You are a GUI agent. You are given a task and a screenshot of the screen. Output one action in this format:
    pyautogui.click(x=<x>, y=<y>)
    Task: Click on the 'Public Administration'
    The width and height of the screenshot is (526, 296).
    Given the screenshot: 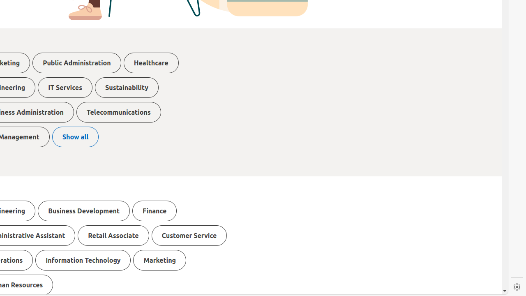 What is the action you would take?
    pyautogui.click(x=77, y=62)
    